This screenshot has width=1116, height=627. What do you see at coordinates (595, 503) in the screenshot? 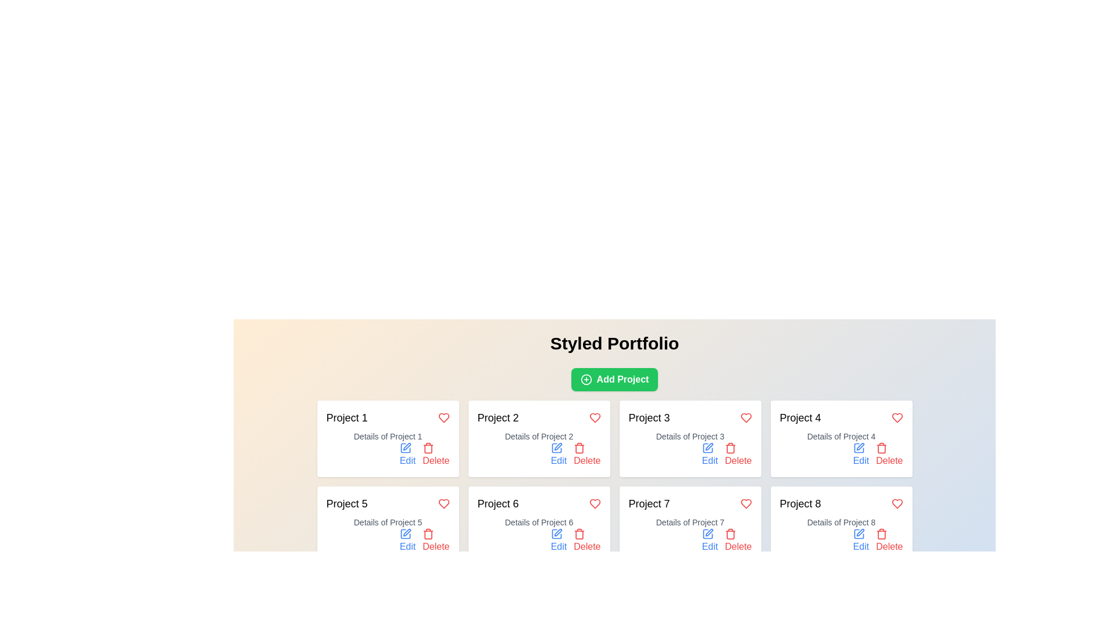
I see `the heart icon button located at the top-right corner of the 'Project 6' block` at bounding box center [595, 503].